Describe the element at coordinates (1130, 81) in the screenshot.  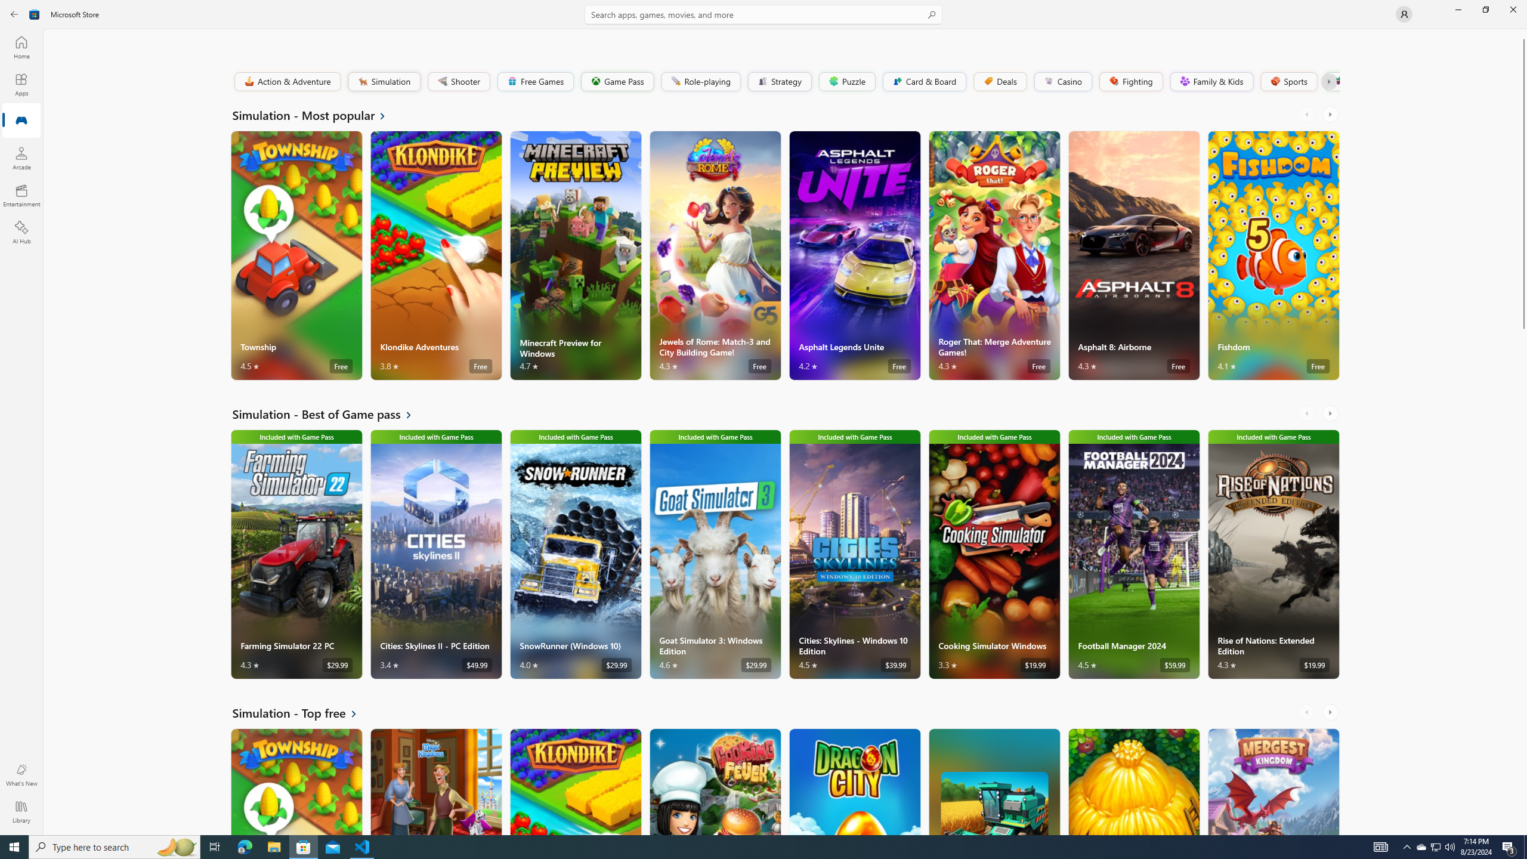
I see `'Fighting'` at that location.